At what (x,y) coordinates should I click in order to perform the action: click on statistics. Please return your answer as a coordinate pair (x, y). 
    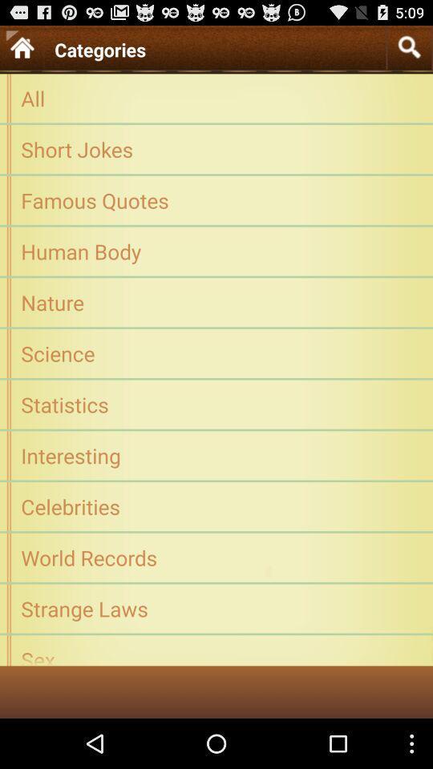
    Looking at the image, I should click on (216, 403).